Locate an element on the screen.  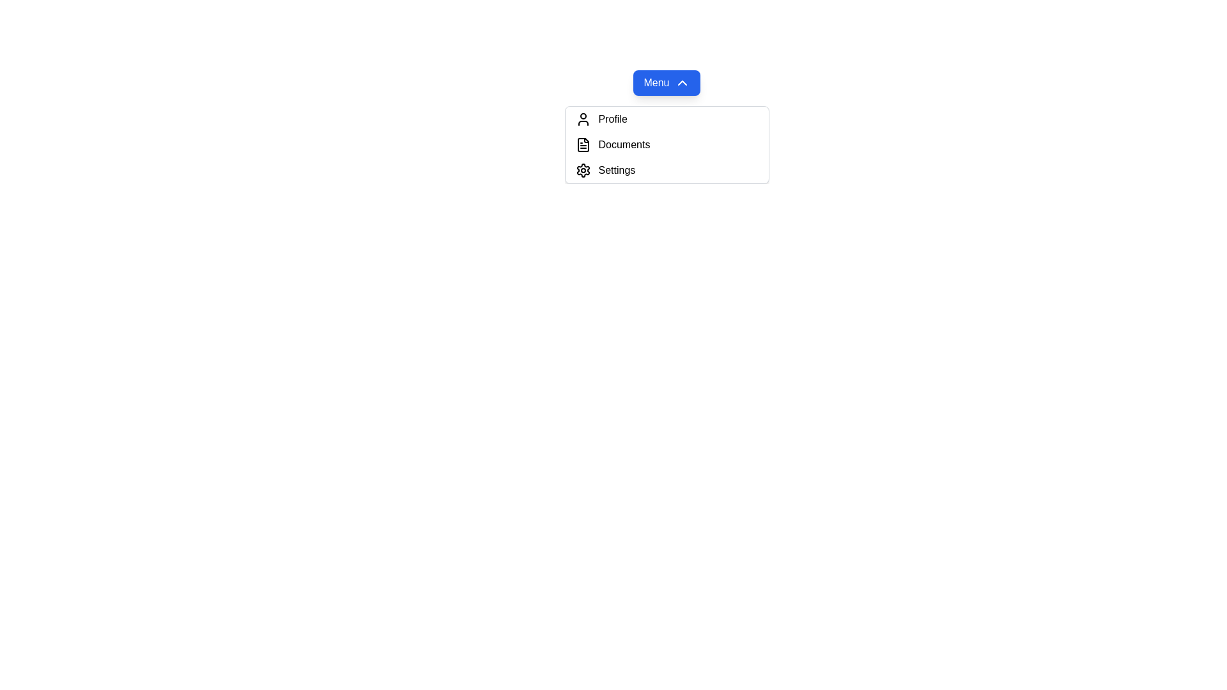
the text label representing the last item in the vertical menu dropdown, which leads to the settings page is located at coordinates (617, 169).